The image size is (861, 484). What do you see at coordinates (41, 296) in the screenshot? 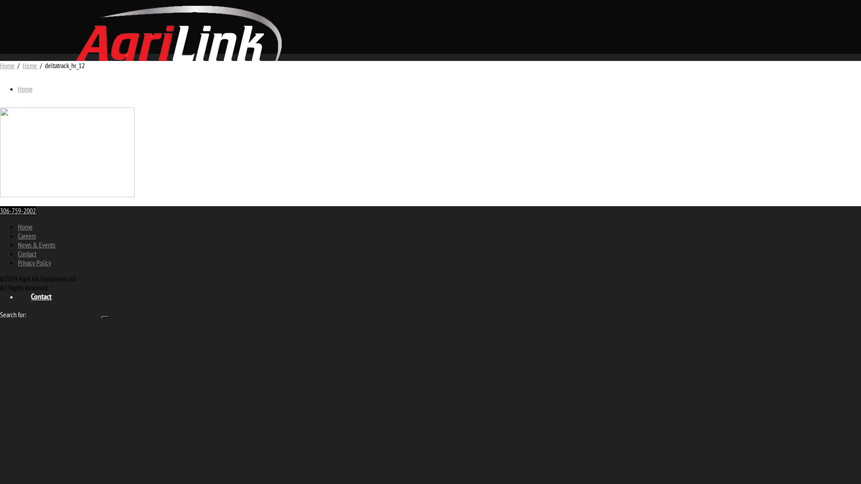
I see `'Contact'` at bounding box center [41, 296].